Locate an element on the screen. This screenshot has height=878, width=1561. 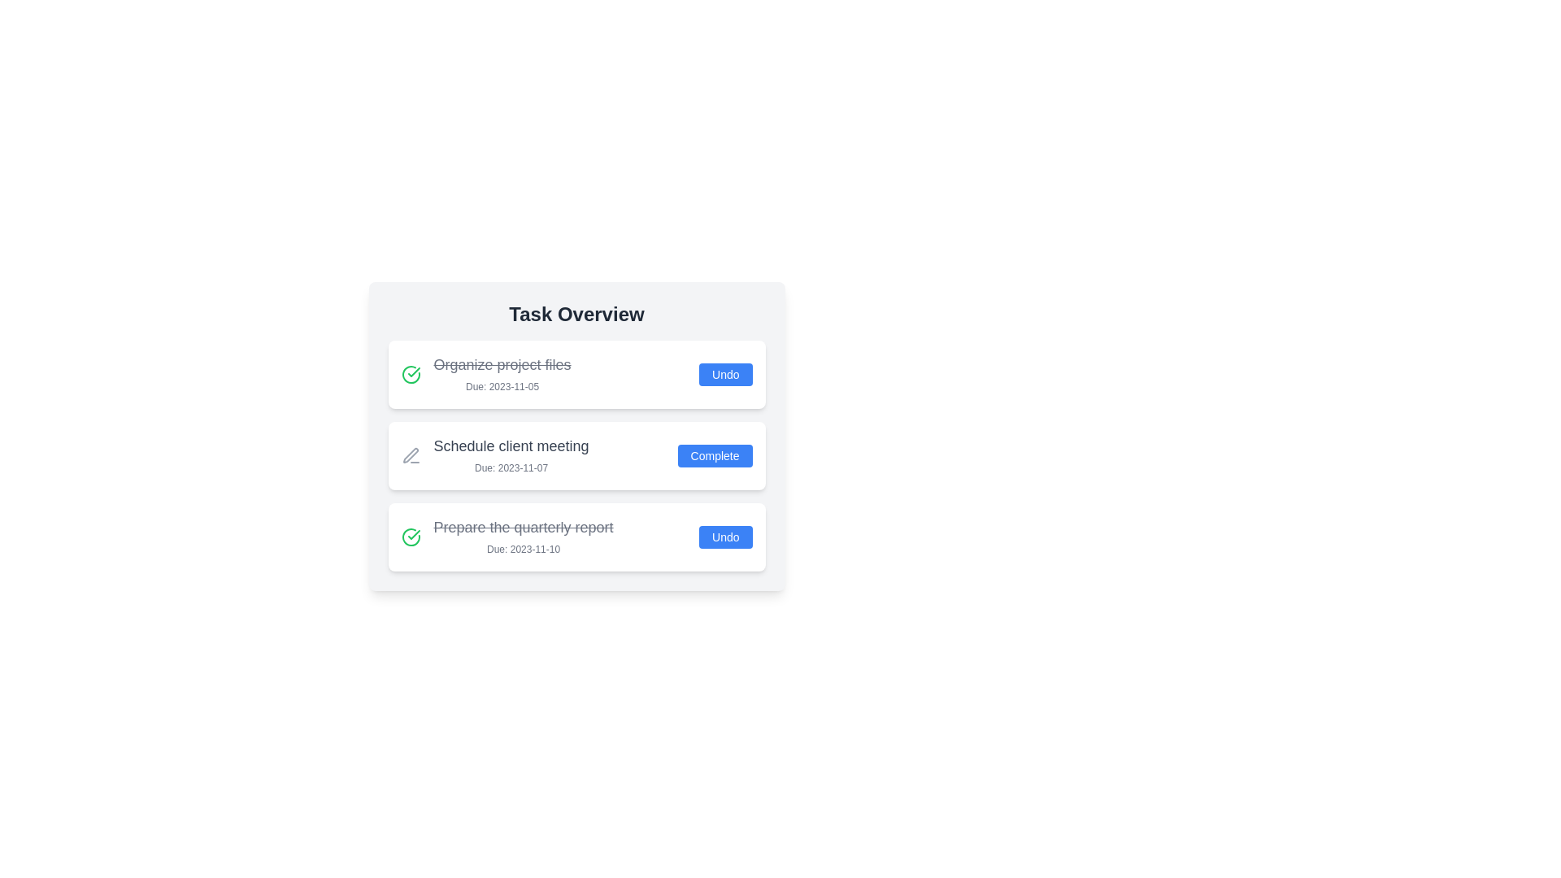
the task card for 'Organize project files' to observe any visual changes is located at coordinates (576, 375).